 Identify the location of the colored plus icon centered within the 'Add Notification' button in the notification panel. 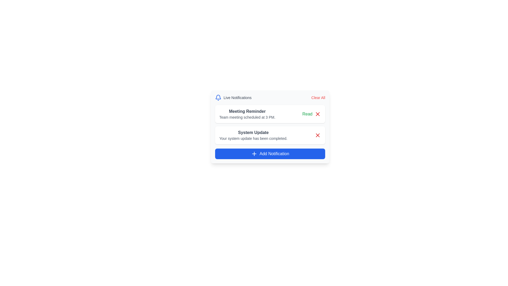
(254, 154).